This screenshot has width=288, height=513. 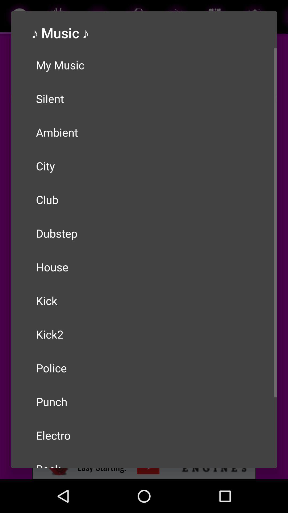 I want to click on the 		rock, so click(x=144, y=460).